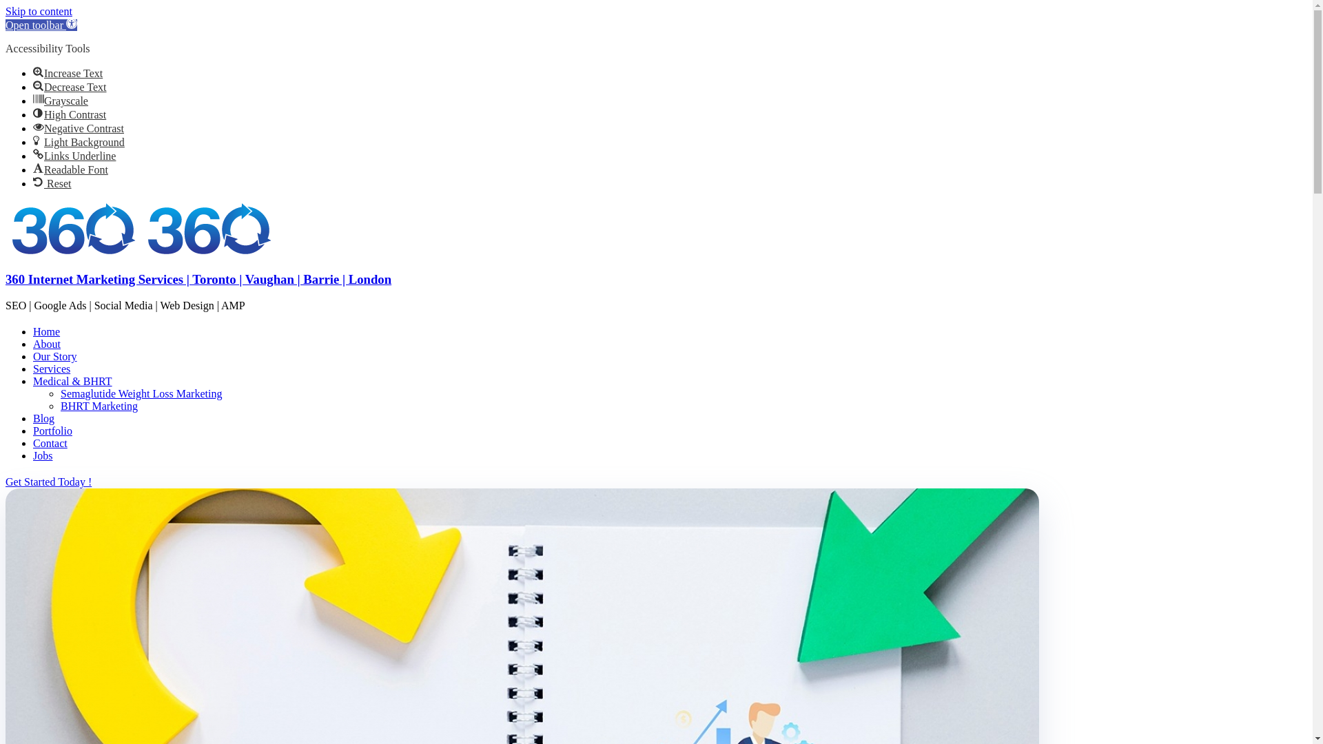 The width and height of the screenshot is (1323, 744). Describe the element at coordinates (73, 155) in the screenshot. I see `'Links UnderlineLinks Underline'` at that location.